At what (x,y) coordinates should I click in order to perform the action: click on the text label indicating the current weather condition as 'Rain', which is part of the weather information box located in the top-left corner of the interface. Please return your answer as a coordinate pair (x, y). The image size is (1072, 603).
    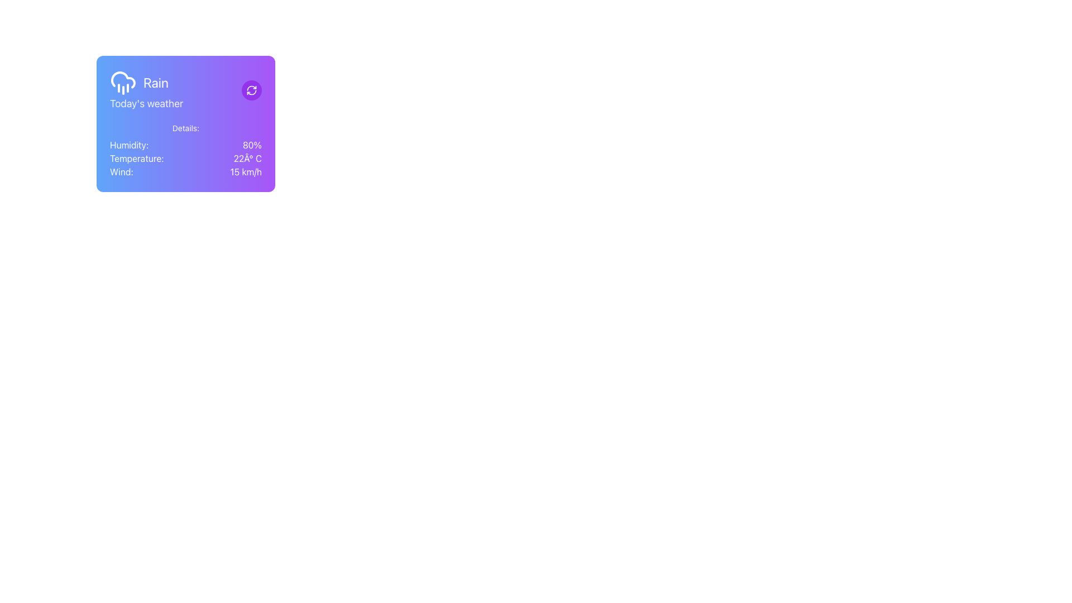
    Looking at the image, I should click on (146, 82).